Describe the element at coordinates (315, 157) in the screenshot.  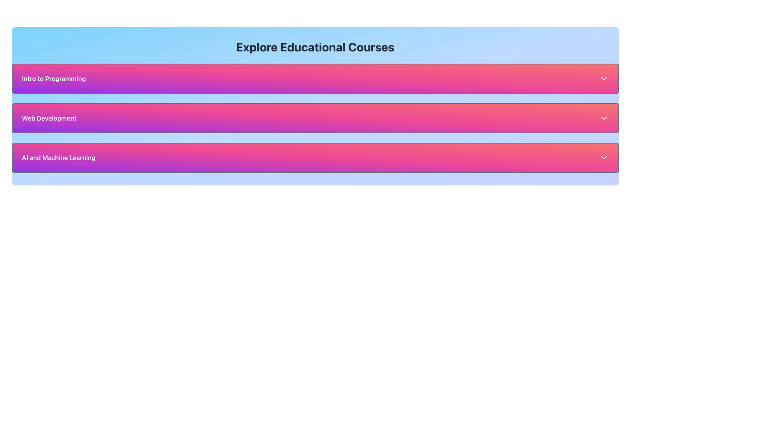
I see `the last option in the list of educational courses titled 'AI and Machine Learning'` at that location.